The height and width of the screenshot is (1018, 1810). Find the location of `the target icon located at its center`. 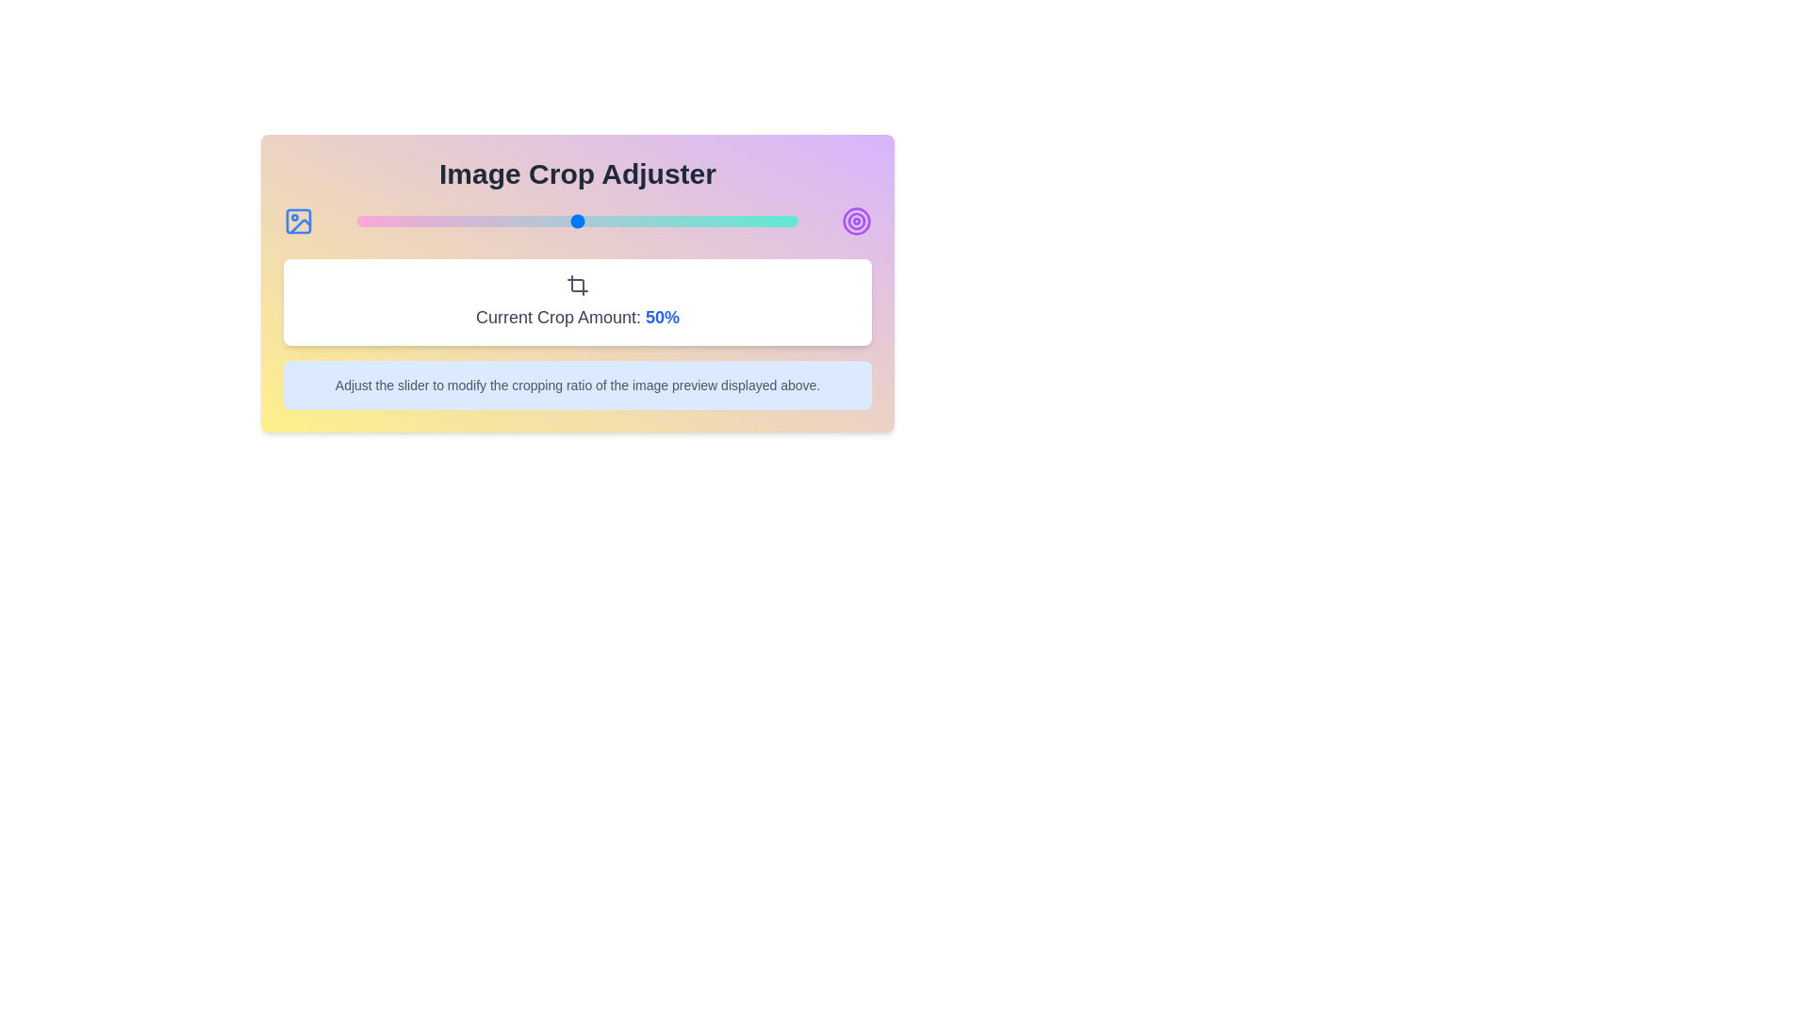

the target icon located at its center is located at coordinates (855, 221).